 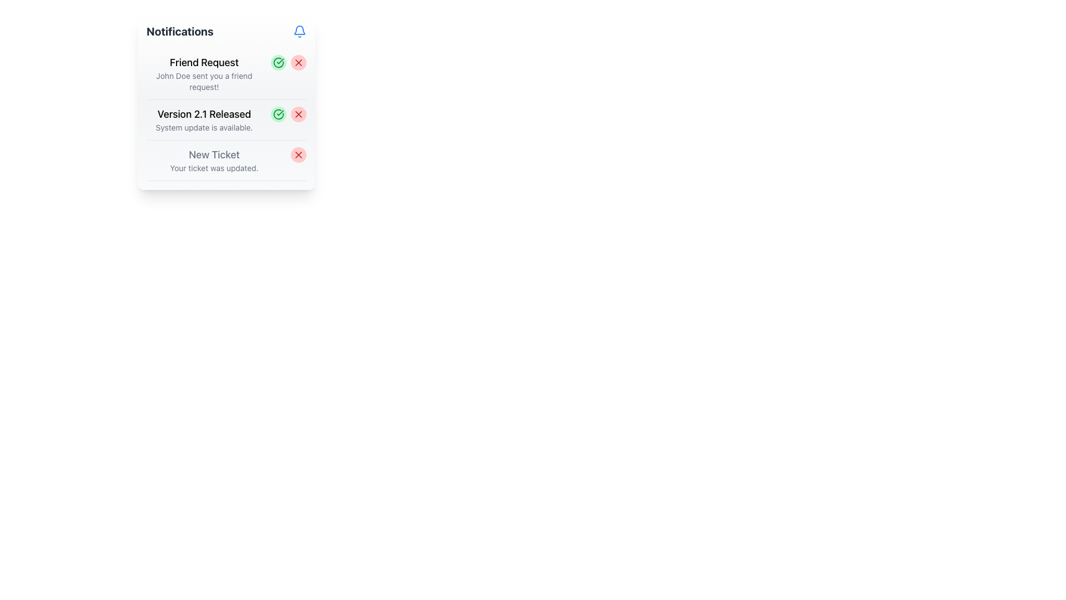 I want to click on the notification icon located at the top right of the notifications section, adjacent to the 'Notifications' heading, so click(x=299, y=31).